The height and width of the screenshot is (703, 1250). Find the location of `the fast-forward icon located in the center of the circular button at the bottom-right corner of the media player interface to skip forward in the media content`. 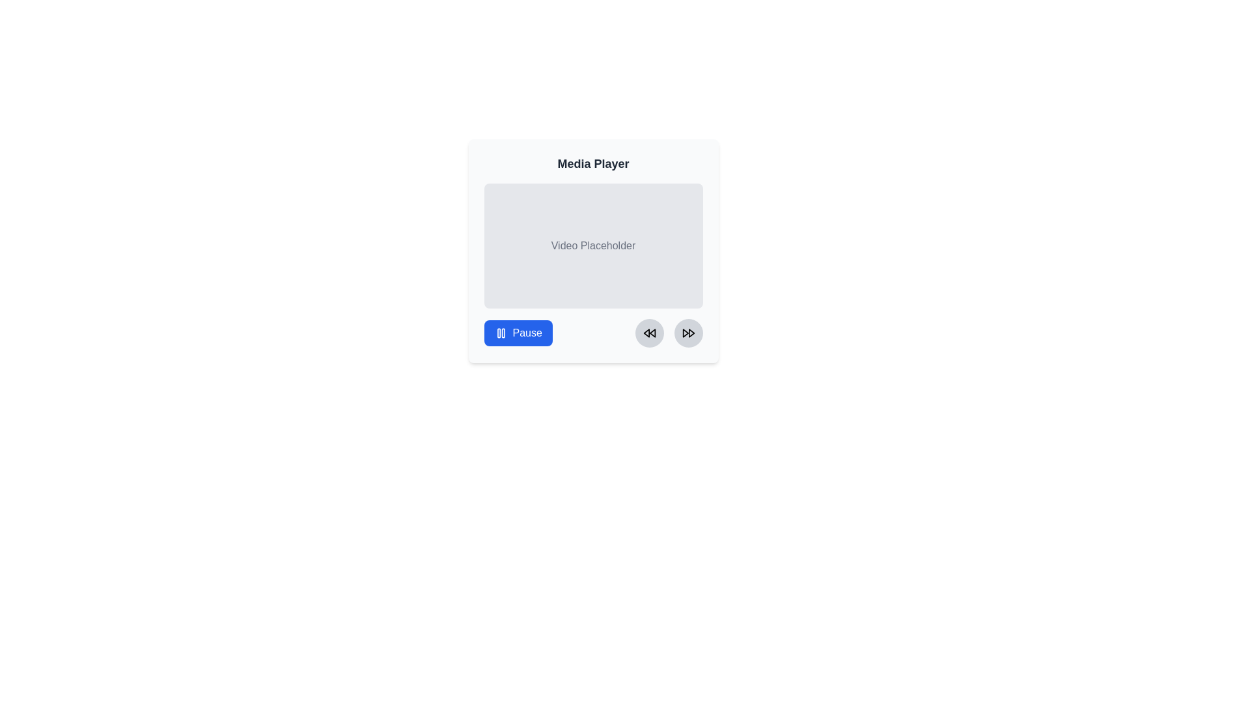

the fast-forward icon located in the center of the circular button at the bottom-right corner of the media player interface to skip forward in the media content is located at coordinates (687, 333).